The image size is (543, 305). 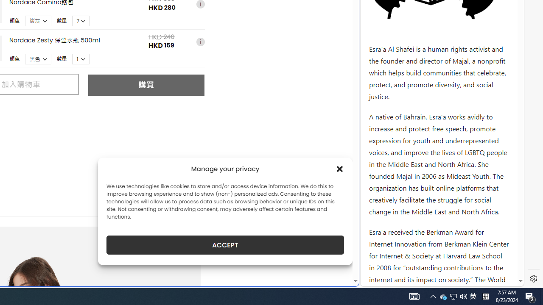 What do you see at coordinates (340, 169) in the screenshot?
I see `'Class: cmplz-close'` at bounding box center [340, 169].